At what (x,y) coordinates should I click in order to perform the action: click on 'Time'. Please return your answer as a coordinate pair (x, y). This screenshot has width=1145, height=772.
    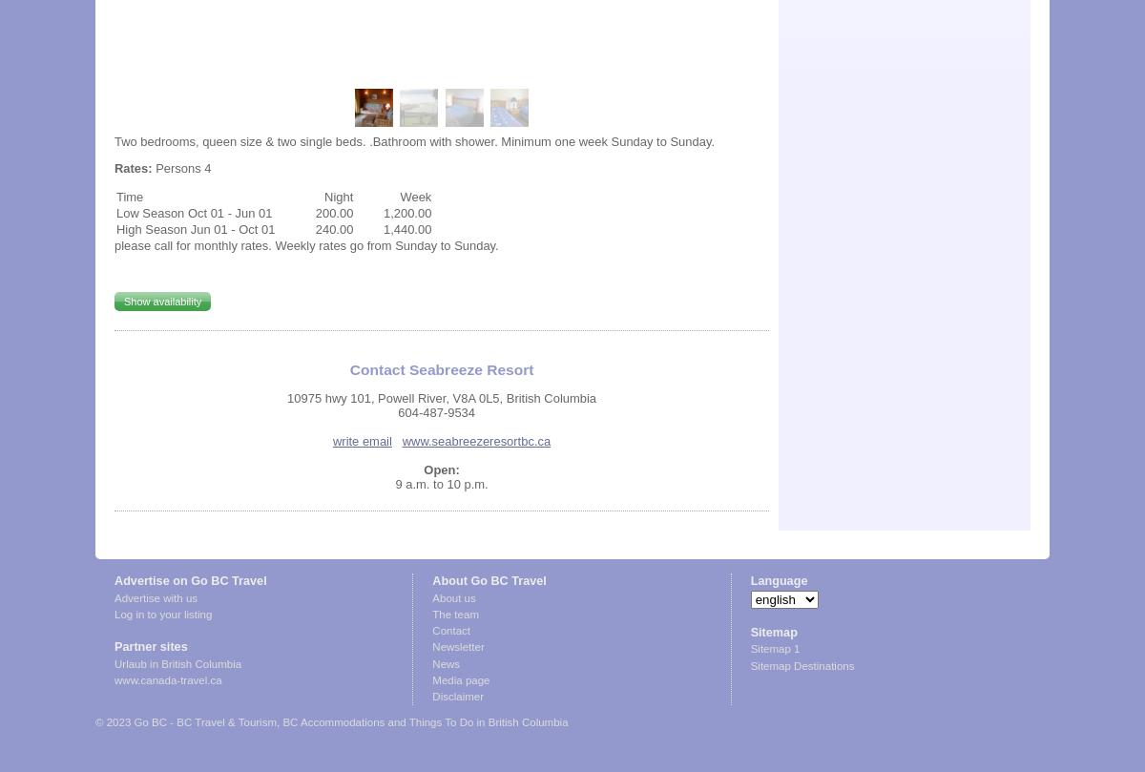
    Looking at the image, I should click on (129, 195).